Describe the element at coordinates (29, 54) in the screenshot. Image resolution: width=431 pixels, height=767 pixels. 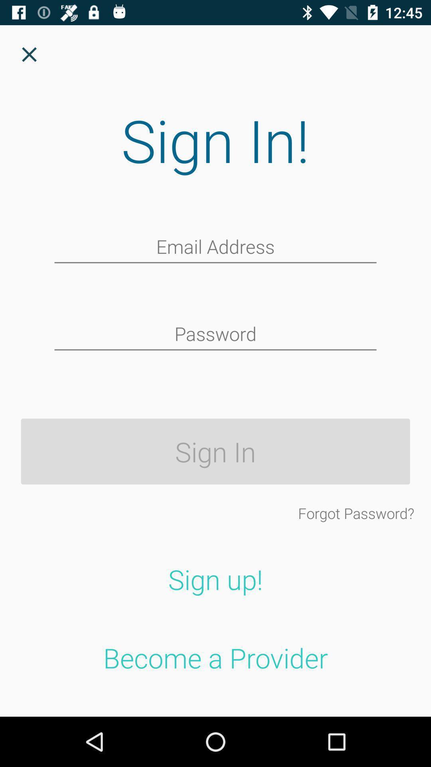
I see `the icon at the top left corner` at that location.